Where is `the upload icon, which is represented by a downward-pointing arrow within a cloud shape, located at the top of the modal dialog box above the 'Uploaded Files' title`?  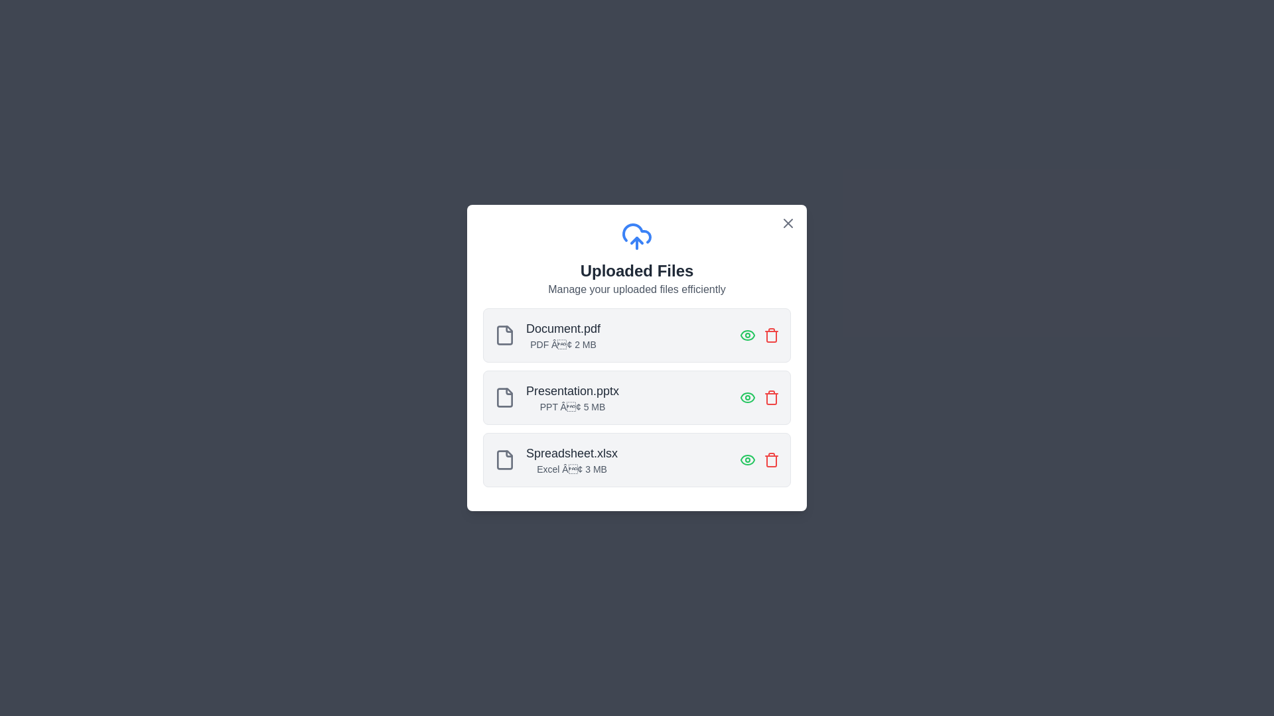
the upload icon, which is represented by a downward-pointing arrow within a cloud shape, located at the top of the modal dialog box above the 'Uploaded Files' title is located at coordinates (637, 240).